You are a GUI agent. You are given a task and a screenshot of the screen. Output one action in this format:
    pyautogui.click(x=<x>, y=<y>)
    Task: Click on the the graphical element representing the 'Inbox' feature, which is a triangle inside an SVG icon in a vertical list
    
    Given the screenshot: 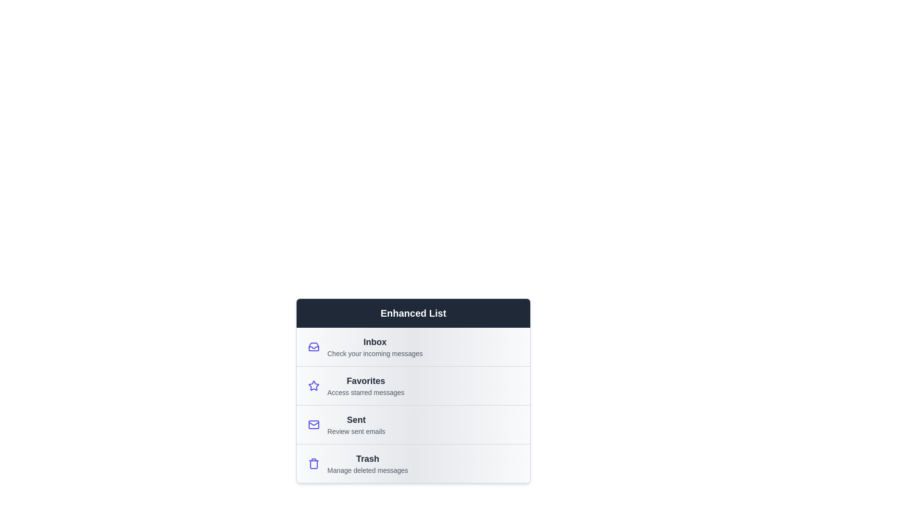 What is the action you would take?
    pyautogui.click(x=313, y=347)
    